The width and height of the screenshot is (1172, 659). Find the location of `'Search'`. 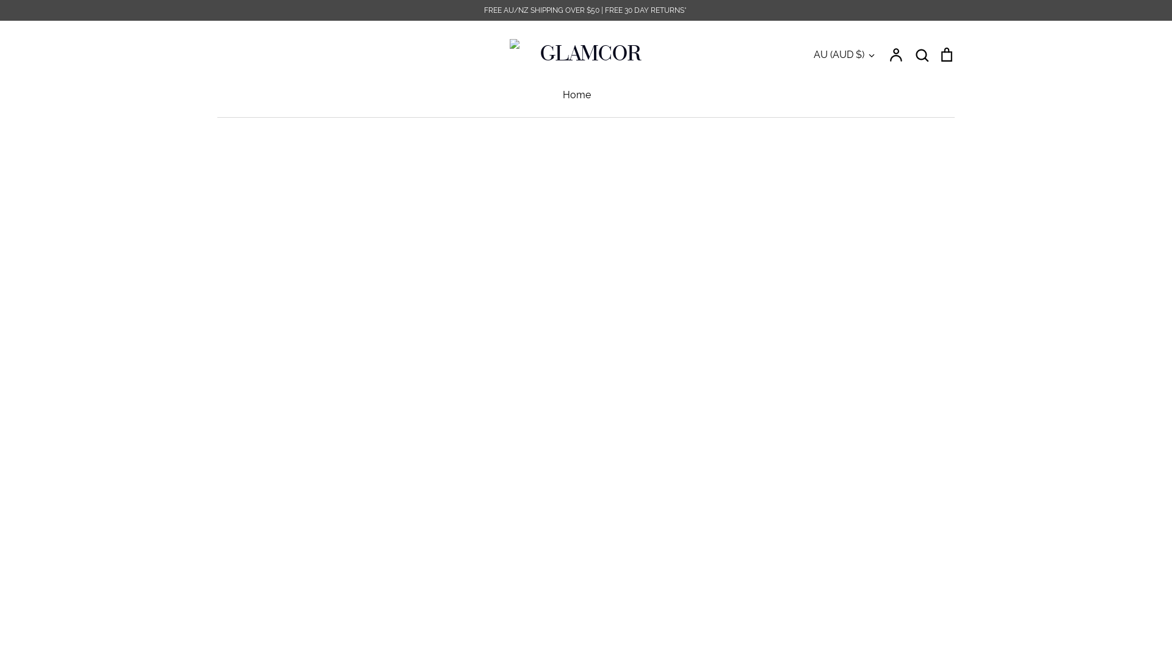

'Search' is located at coordinates (922, 53).